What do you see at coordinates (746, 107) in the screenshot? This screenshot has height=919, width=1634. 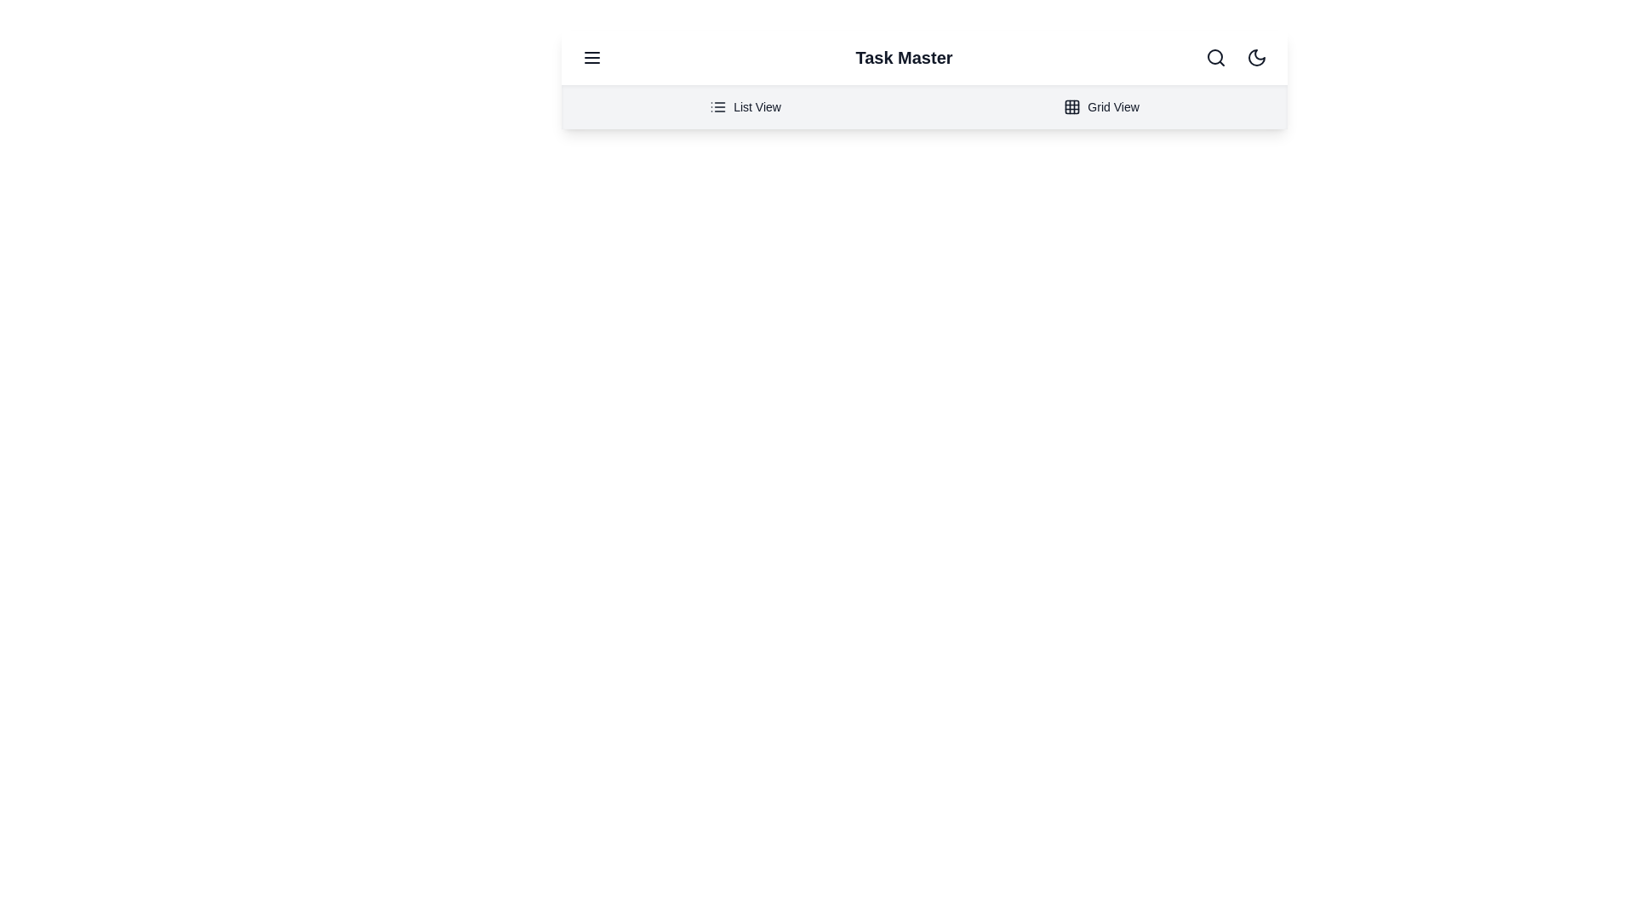 I see `the 'List View' option in the menu` at bounding box center [746, 107].